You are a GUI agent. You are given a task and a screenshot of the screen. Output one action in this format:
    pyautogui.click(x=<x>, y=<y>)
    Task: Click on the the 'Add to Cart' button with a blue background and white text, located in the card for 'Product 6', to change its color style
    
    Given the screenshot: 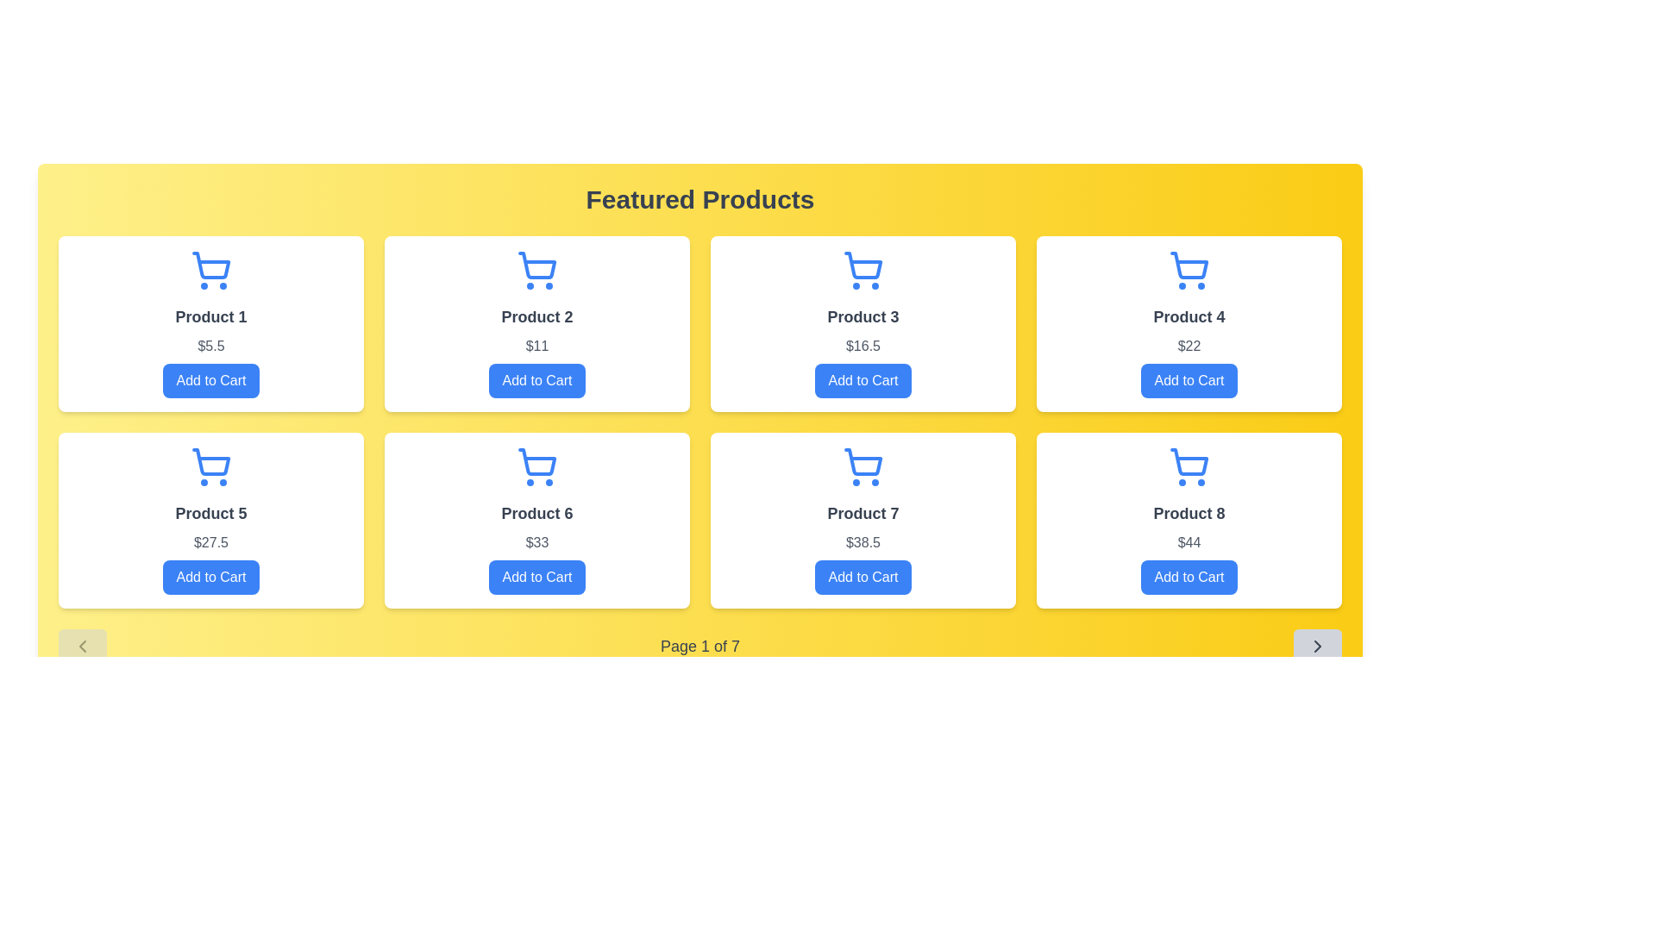 What is the action you would take?
    pyautogui.click(x=536, y=578)
    